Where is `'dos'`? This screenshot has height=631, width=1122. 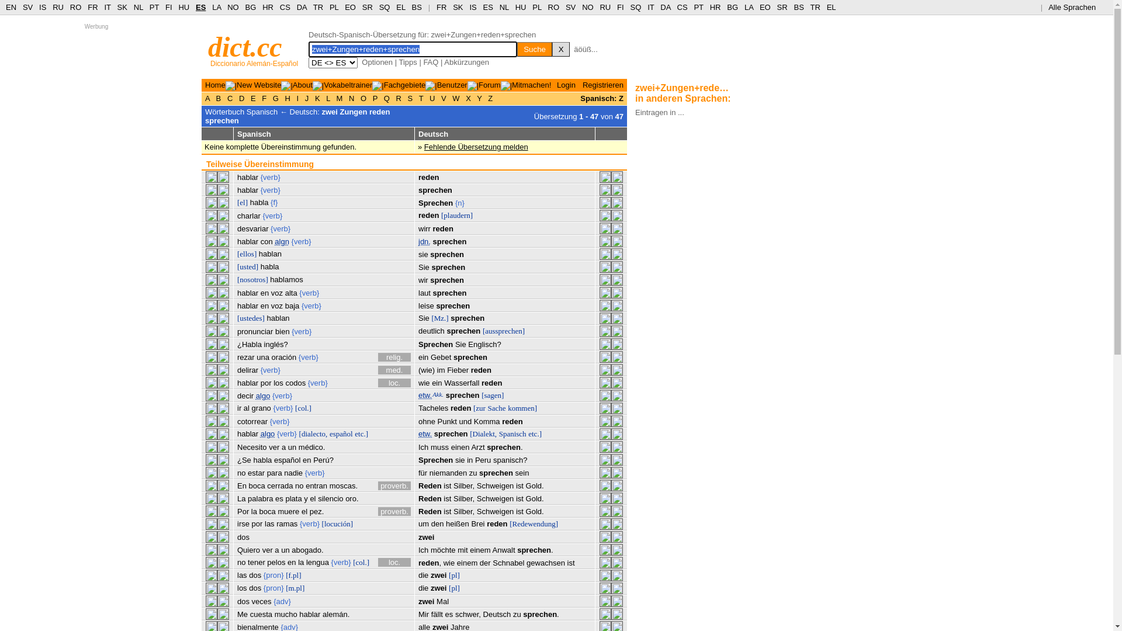 'dos' is located at coordinates (254, 574).